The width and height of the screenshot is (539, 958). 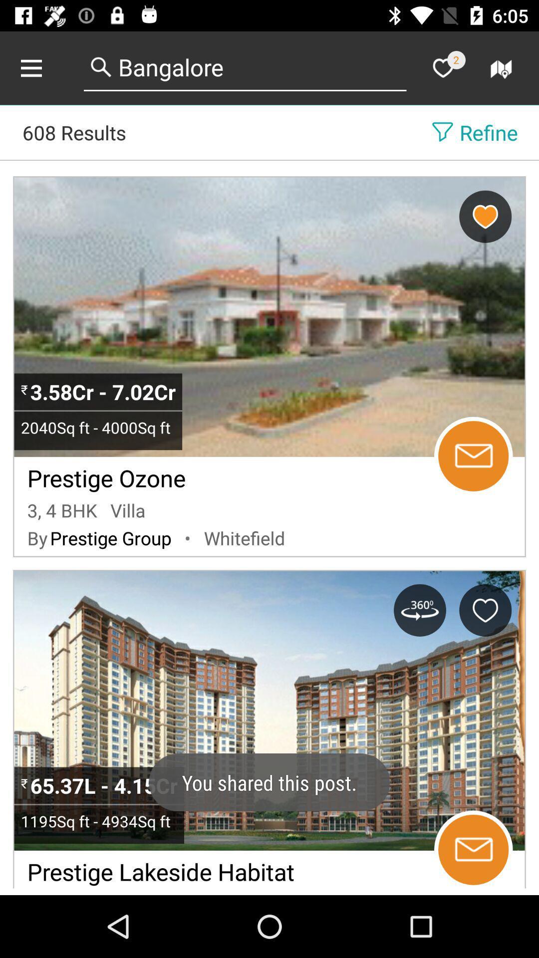 I want to click on message, so click(x=473, y=456).